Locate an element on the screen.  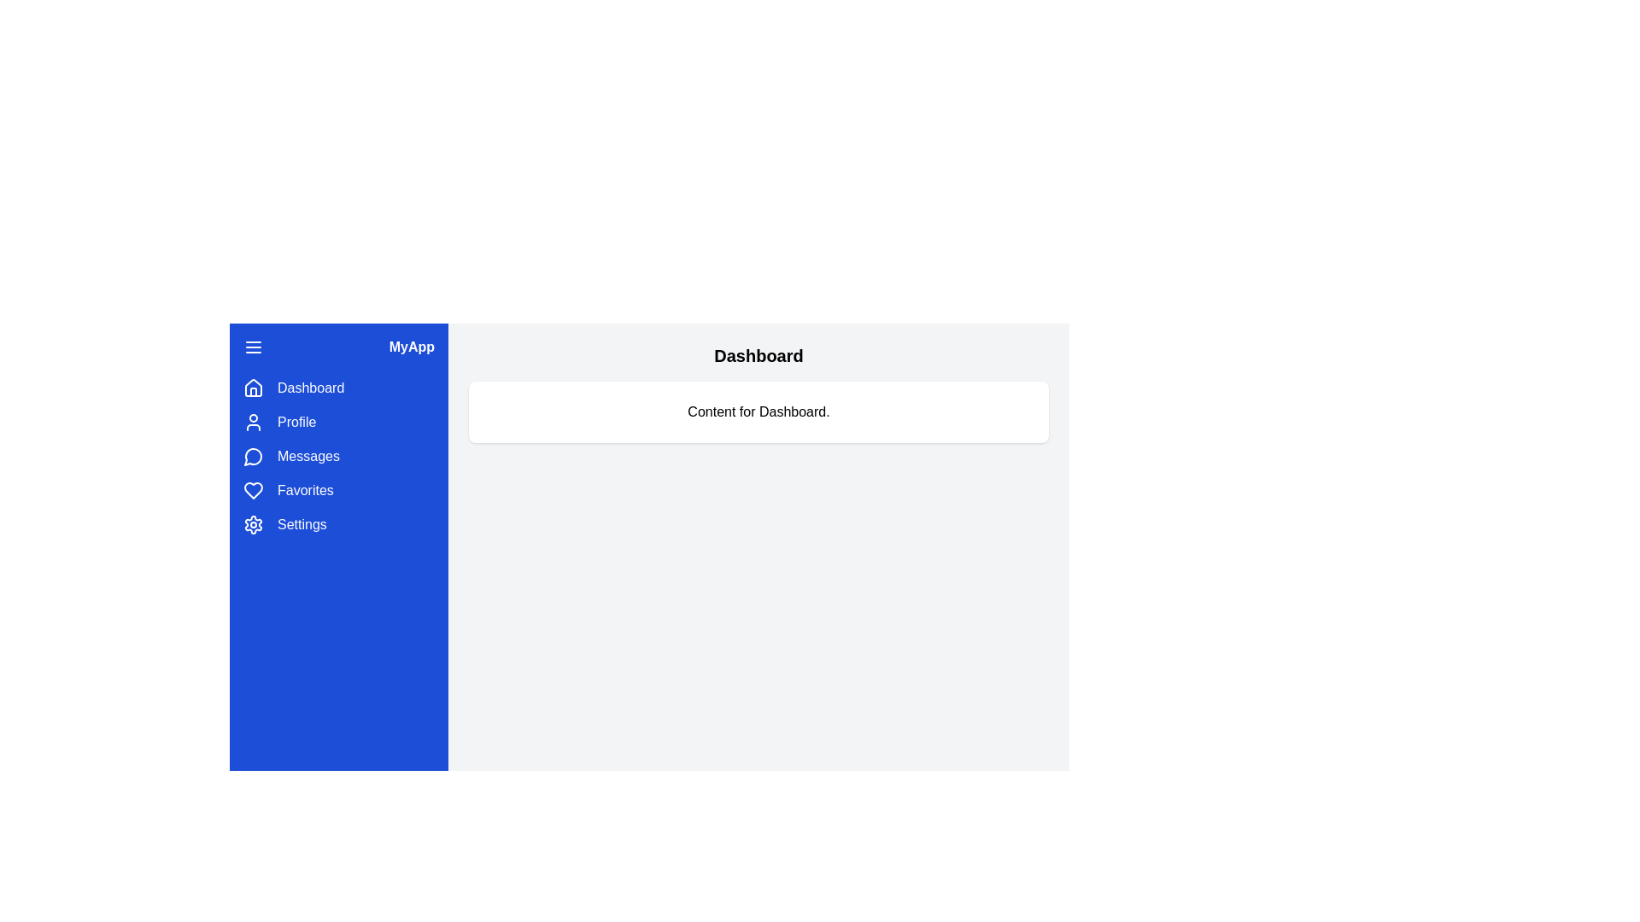
the 'Profile' label element, which is styled with white text on a blue background and is the second item in the sidebar menu is located at coordinates (296, 422).